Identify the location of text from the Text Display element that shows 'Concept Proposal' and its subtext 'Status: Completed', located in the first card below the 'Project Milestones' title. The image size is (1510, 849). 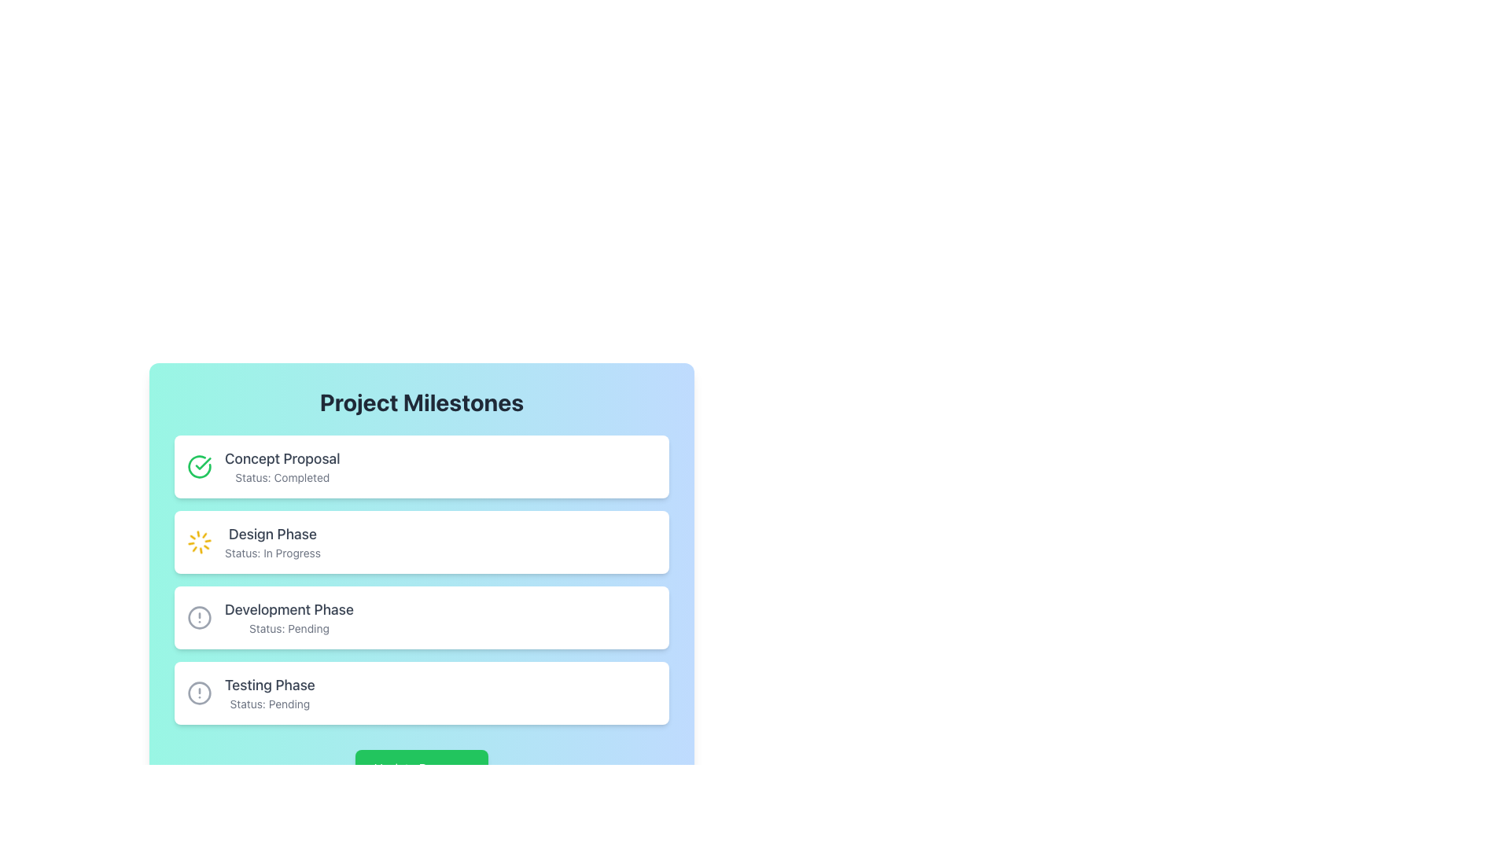
(282, 466).